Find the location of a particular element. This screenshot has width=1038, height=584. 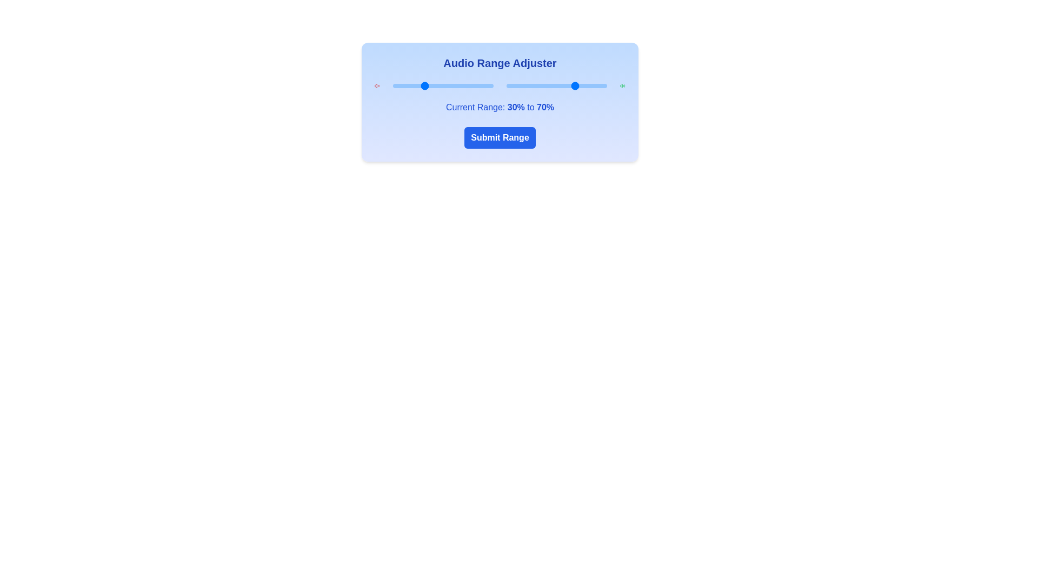

text that conveys the lower bound of the current range, which is '30%' in the text 'Current Range: 30% to 70%' is located at coordinates (515, 107).